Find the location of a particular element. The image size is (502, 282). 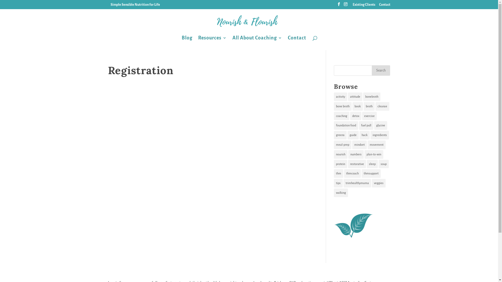

'soup' is located at coordinates (379, 164).